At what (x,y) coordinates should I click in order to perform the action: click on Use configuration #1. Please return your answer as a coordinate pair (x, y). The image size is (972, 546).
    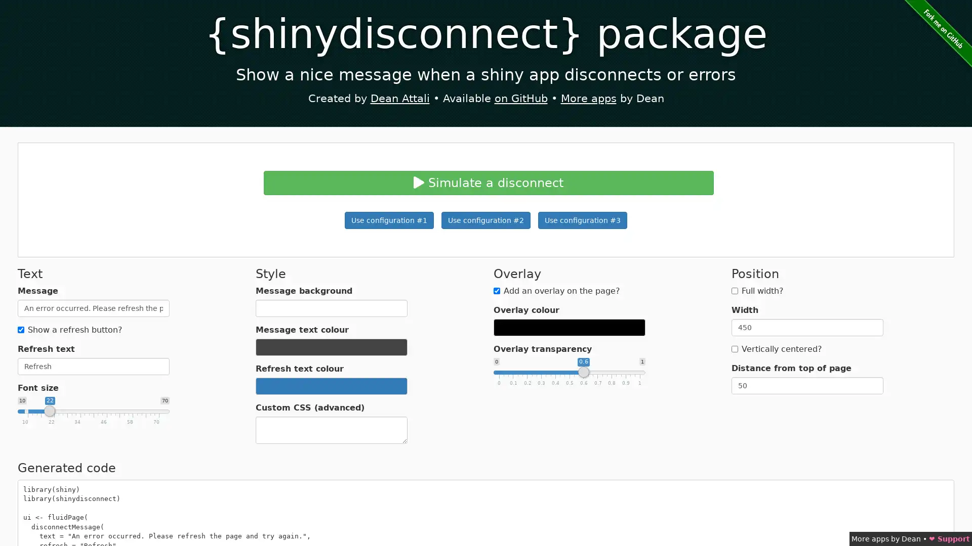
    Looking at the image, I should click on (388, 219).